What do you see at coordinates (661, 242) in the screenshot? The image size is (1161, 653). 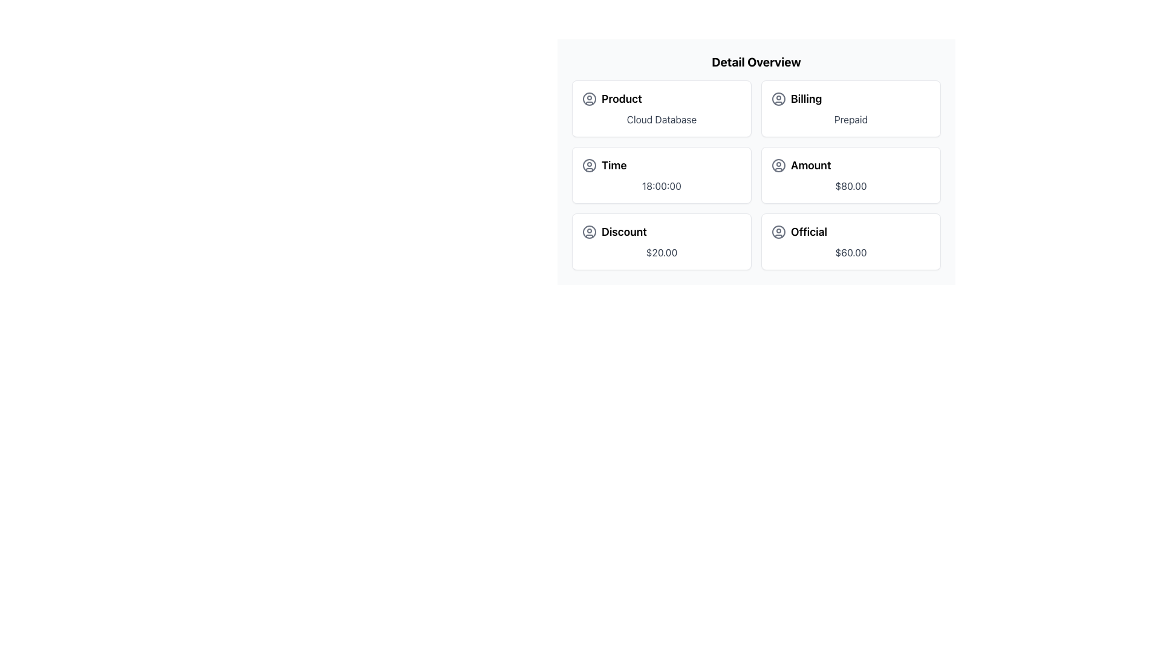 I see `the discount value from the Information card located in the lower-left quadrant of the grid, below 'Time' and` at bounding box center [661, 242].